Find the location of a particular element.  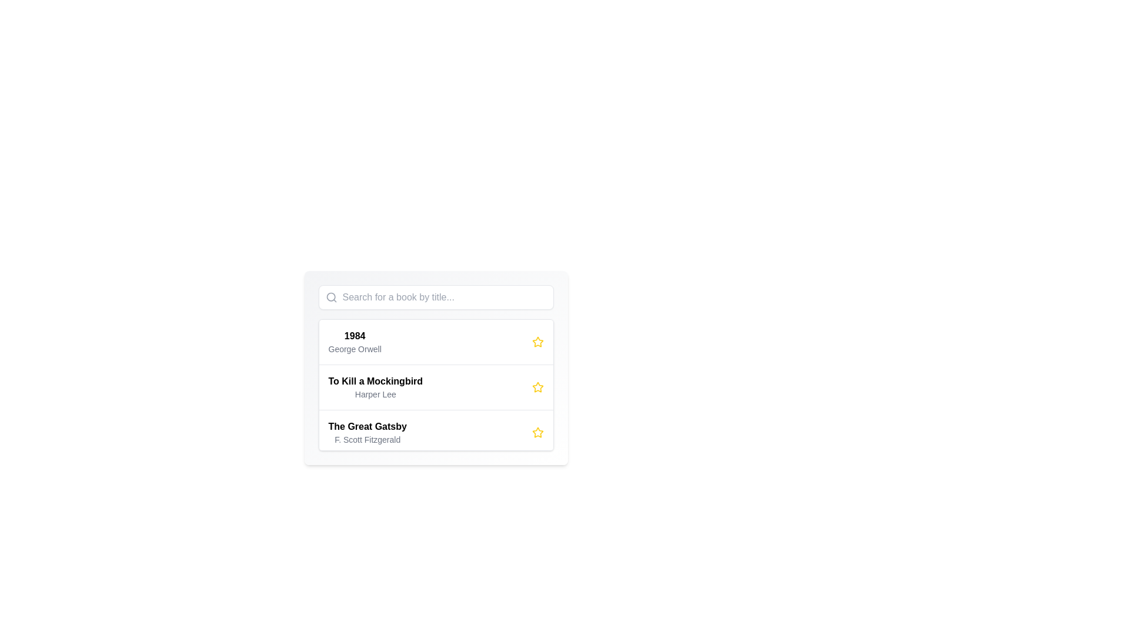

the list item displaying '1984' by 'George Orwell' is located at coordinates (435, 342).